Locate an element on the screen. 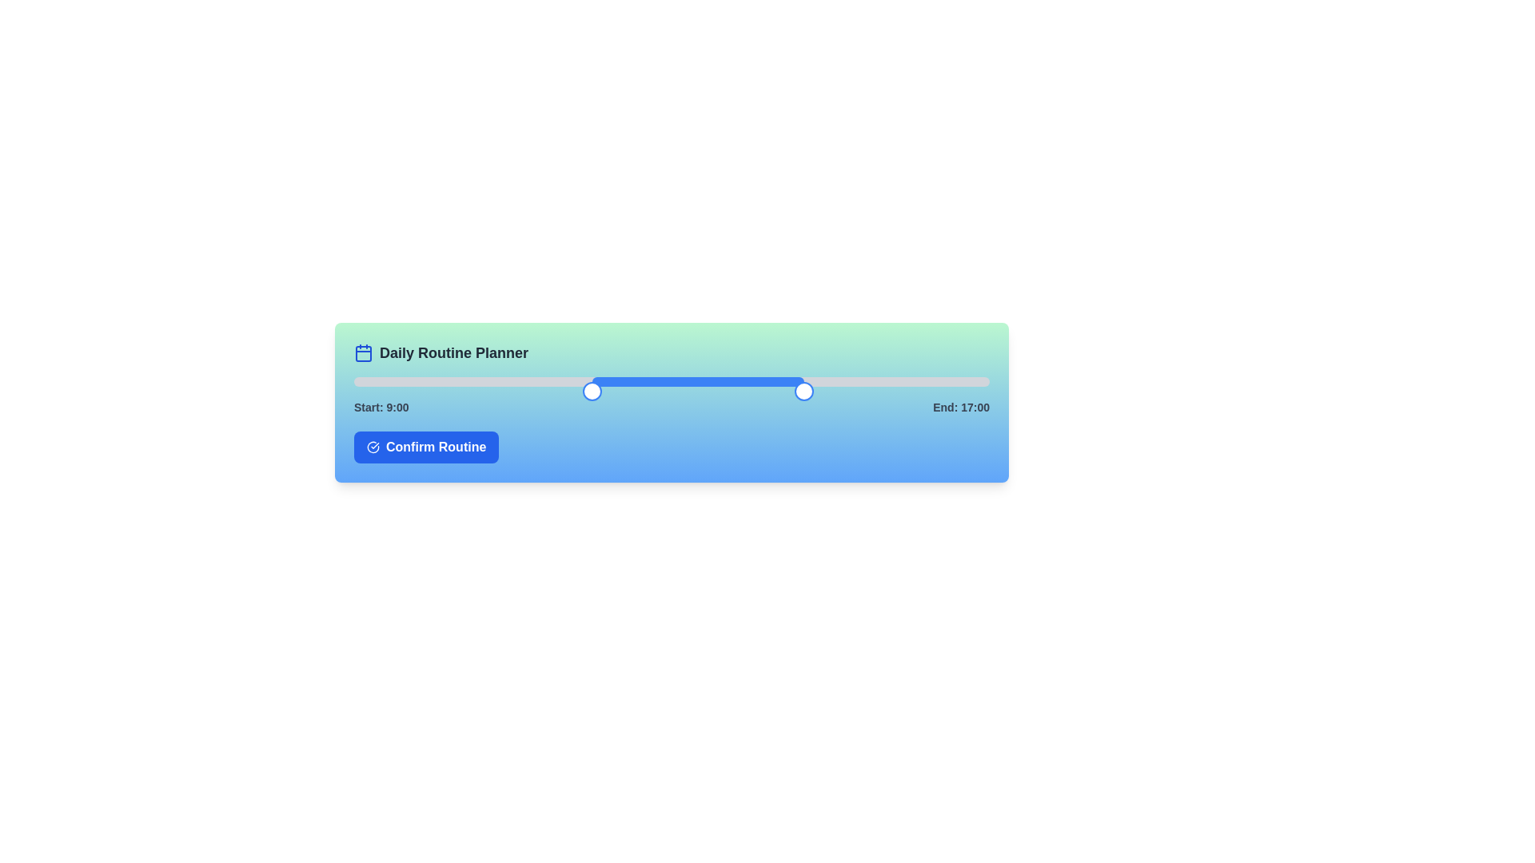  the slider handle is located at coordinates (982, 391).